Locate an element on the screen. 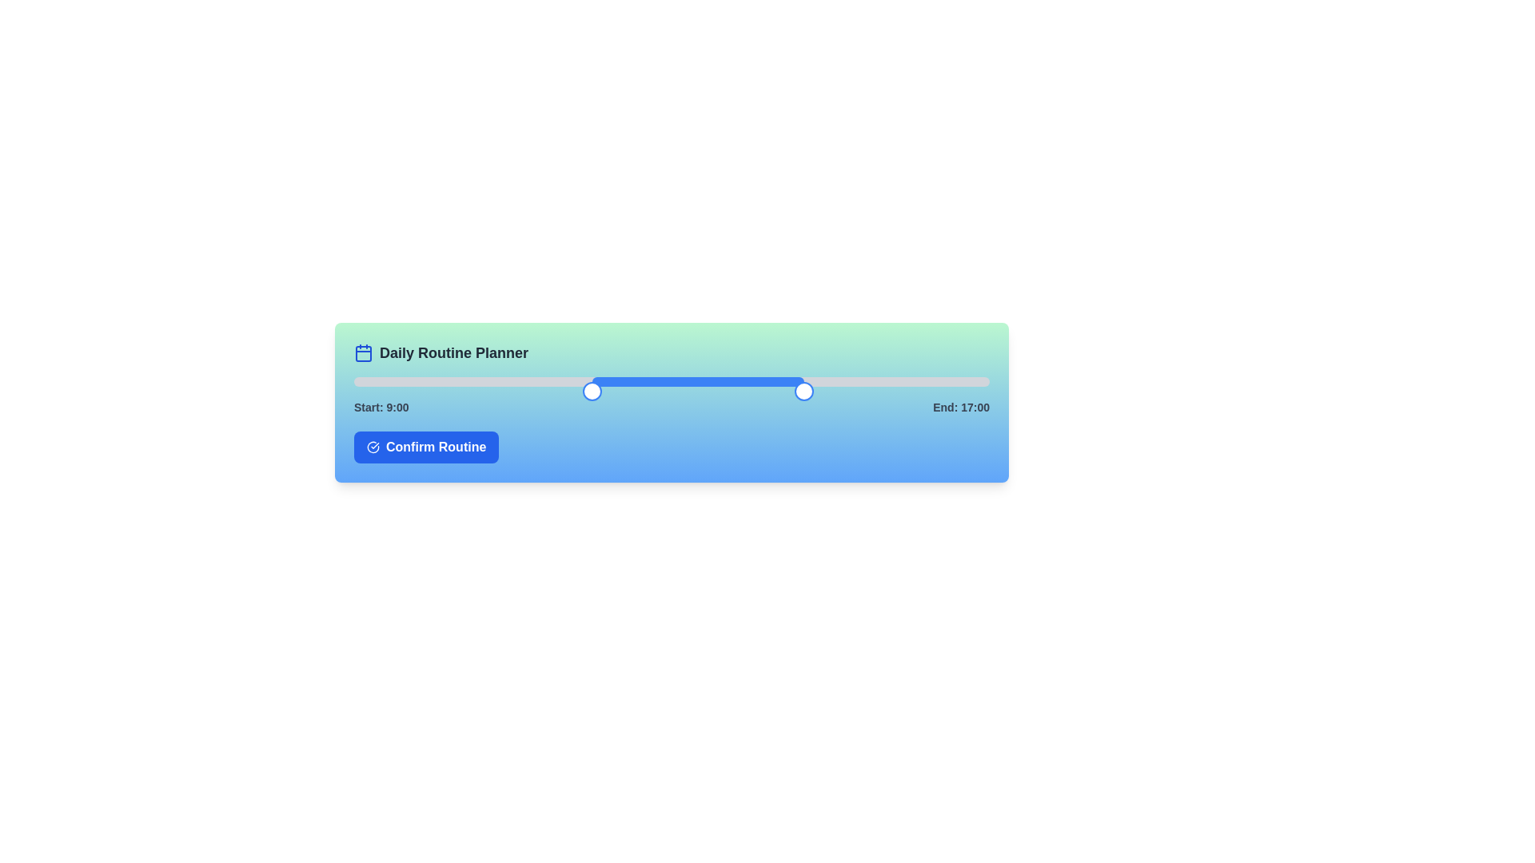  the slider handle is located at coordinates (982, 391).